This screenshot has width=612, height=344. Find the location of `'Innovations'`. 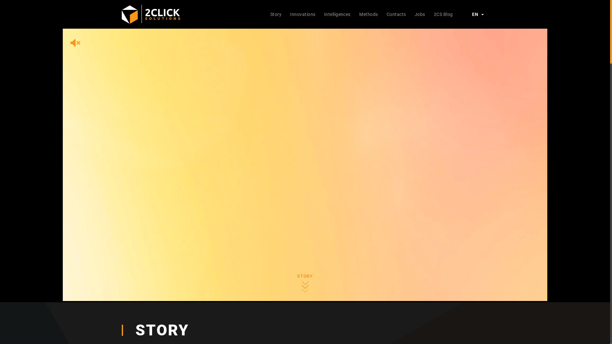

'Innovations' is located at coordinates (286, 14).